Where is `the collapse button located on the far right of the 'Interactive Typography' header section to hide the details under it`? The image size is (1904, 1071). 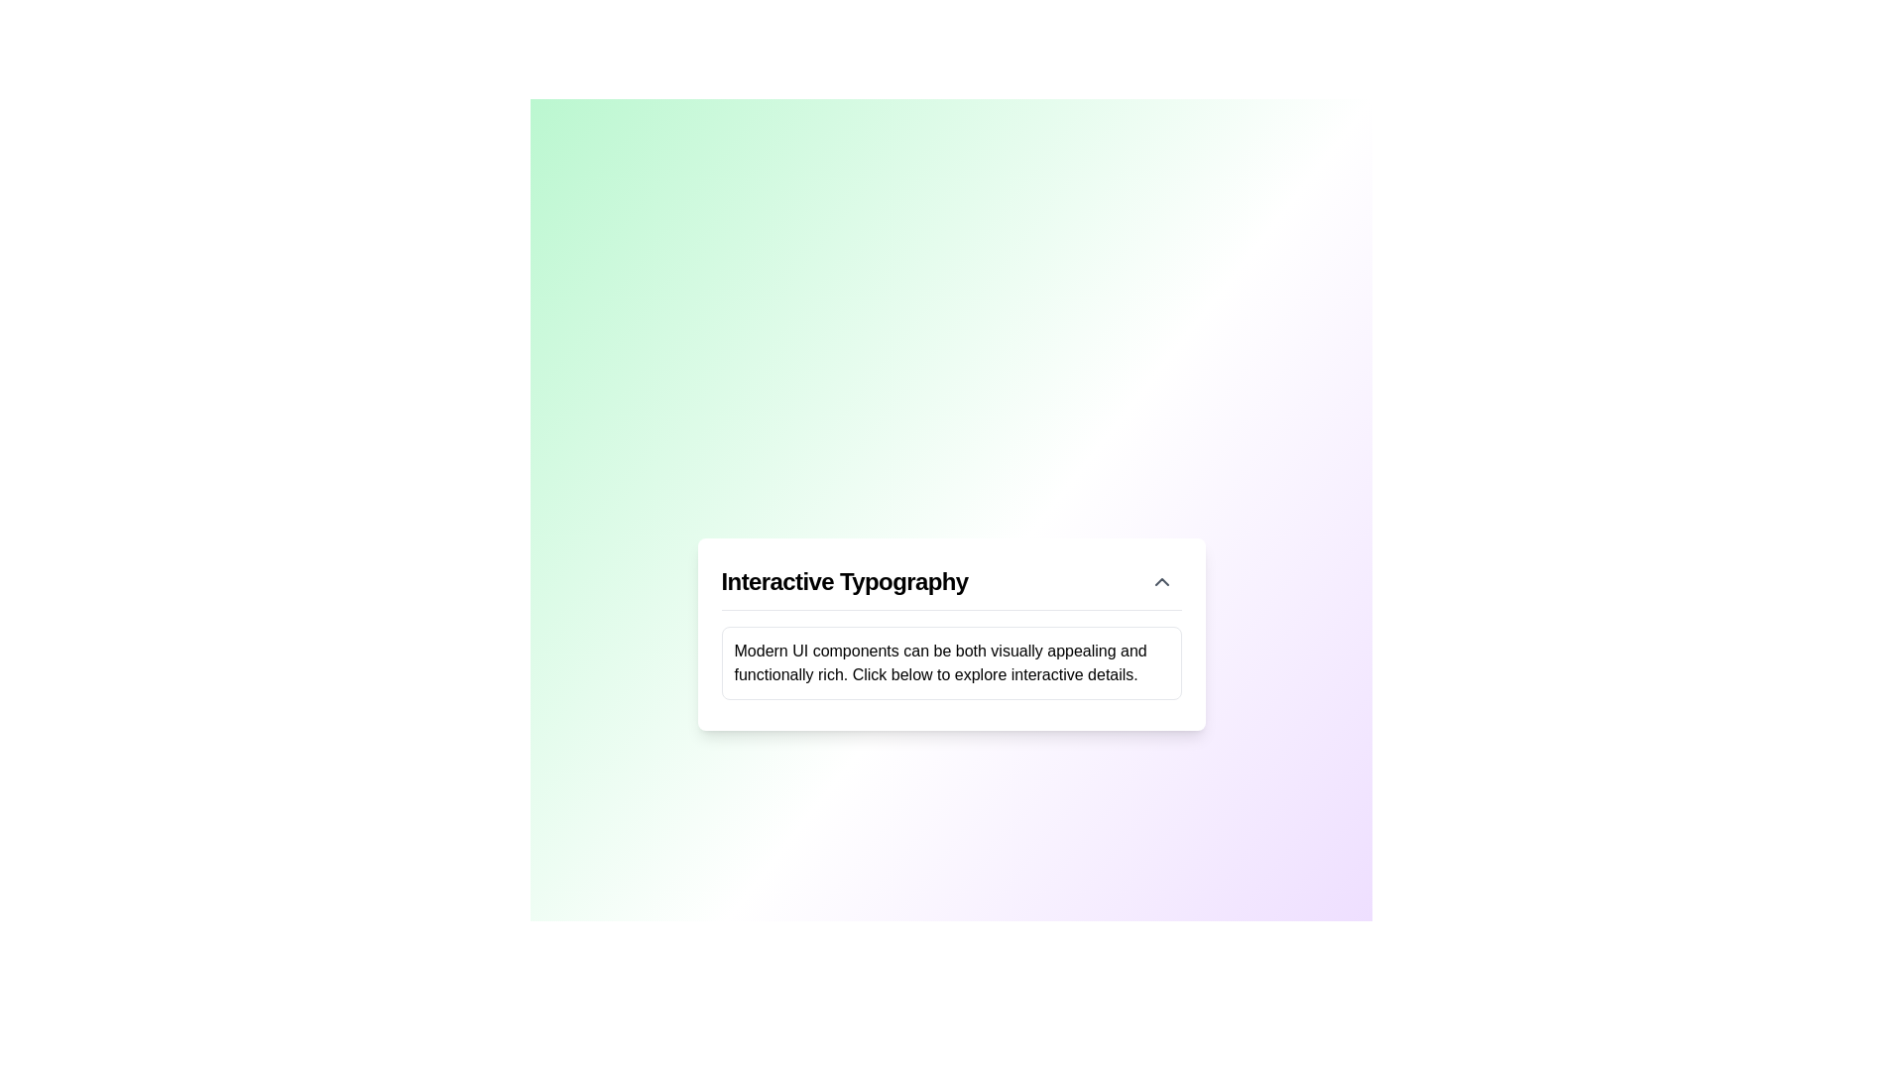
the collapse button located on the far right of the 'Interactive Typography' header section to hide the details under it is located at coordinates (1161, 580).